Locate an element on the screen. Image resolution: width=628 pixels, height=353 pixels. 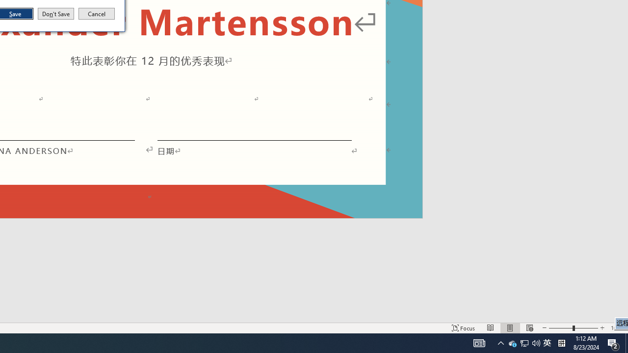
'Cancel' is located at coordinates (97, 14).